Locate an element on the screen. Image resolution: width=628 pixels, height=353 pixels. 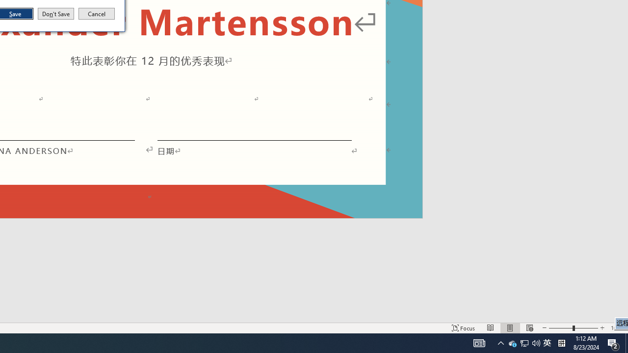
'Cancel' is located at coordinates (97, 14).